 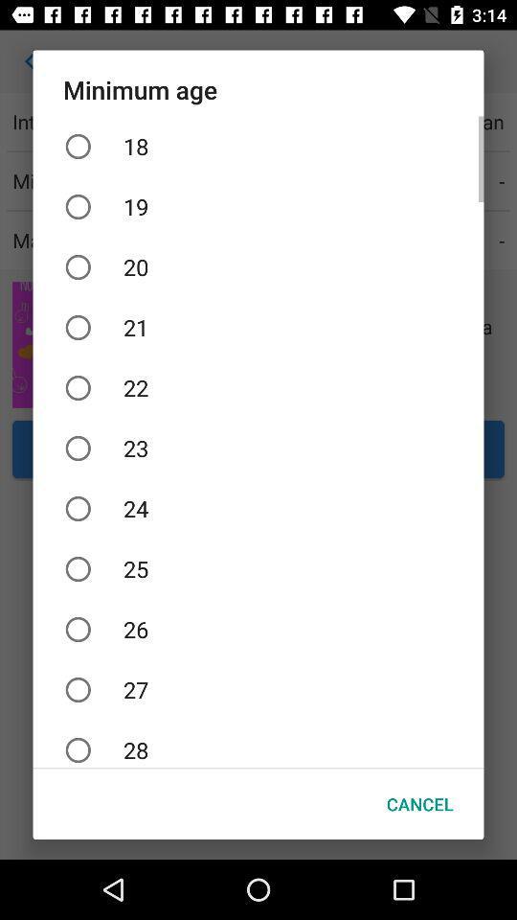 I want to click on the cancel button, so click(x=418, y=804).